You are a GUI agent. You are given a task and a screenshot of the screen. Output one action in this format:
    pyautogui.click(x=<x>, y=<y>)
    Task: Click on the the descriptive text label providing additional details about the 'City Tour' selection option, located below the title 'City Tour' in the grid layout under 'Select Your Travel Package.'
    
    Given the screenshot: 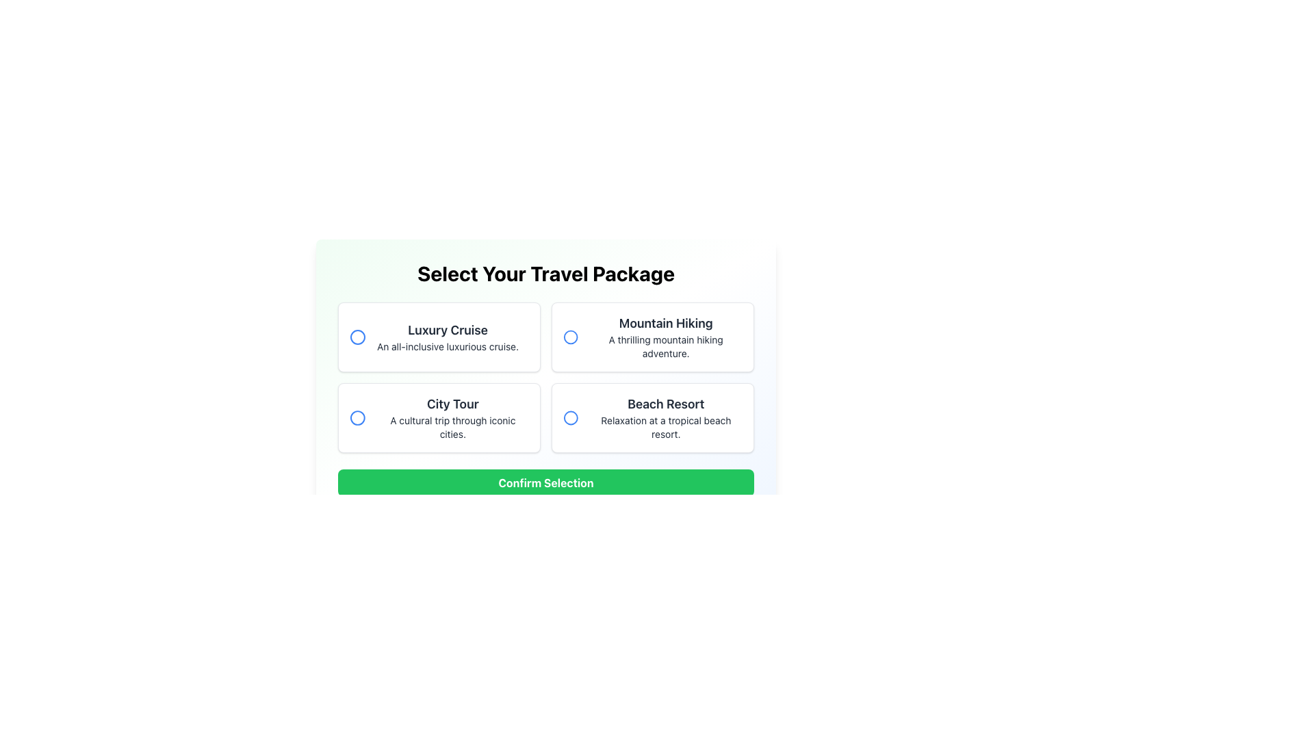 What is the action you would take?
    pyautogui.click(x=452, y=426)
    